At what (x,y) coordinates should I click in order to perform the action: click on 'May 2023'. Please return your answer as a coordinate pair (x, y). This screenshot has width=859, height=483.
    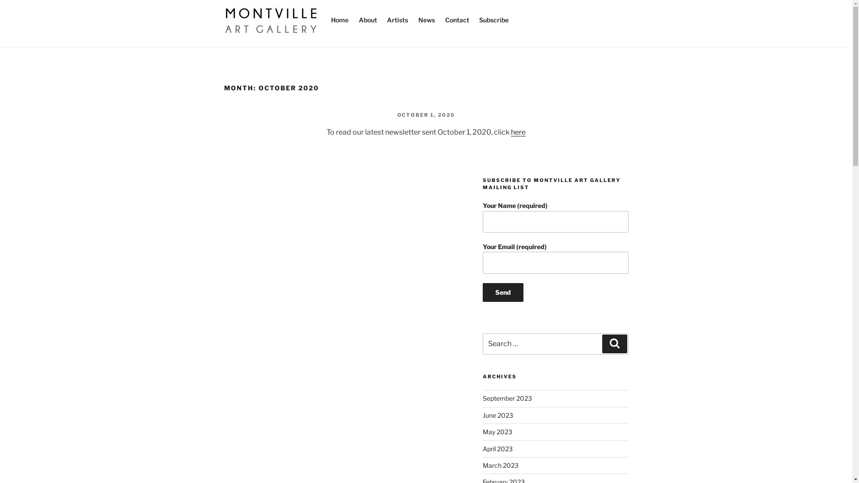
    Looking at the image, I should click on (497, 431).